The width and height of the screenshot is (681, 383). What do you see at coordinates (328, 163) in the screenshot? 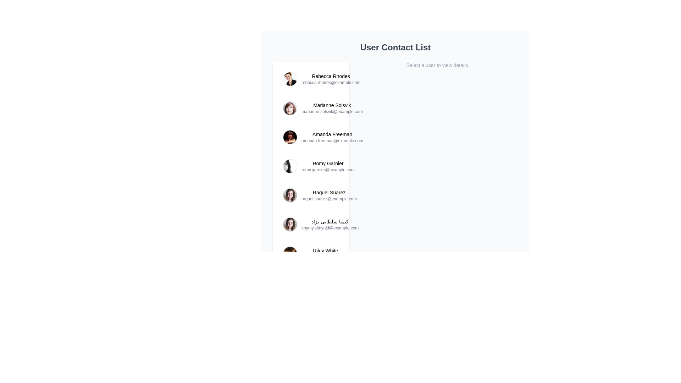
I see `the text label displaying 'Romy Garnier', which is styled in a smaller font size and medium weight, located above the email address 'romy.garnier@example.com'` at bounding box center [328, 163].